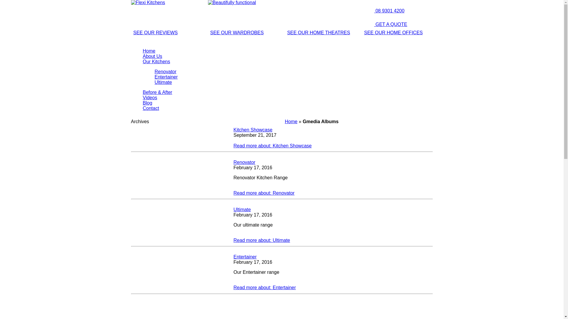 The width and height of the screenshot is (568, 319). I want to click on 'Blog', so click(147, 102).